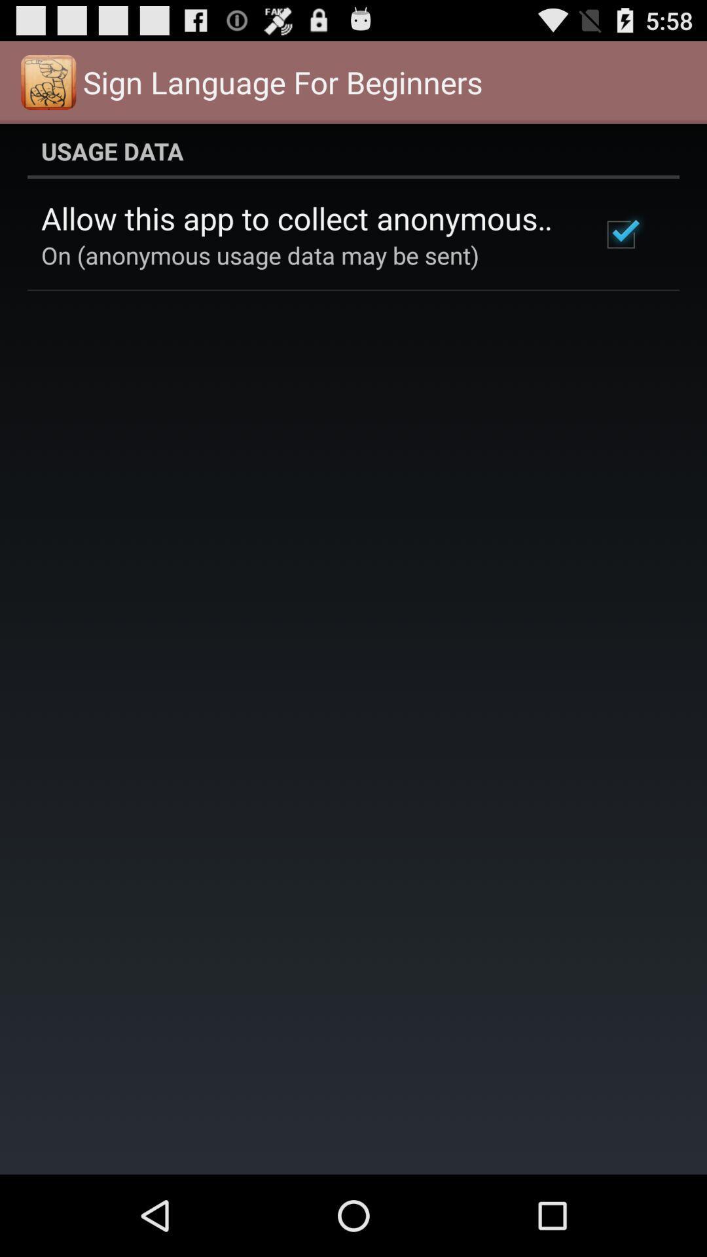  I want to click on icon next to the allow this app, so click(620, 234).